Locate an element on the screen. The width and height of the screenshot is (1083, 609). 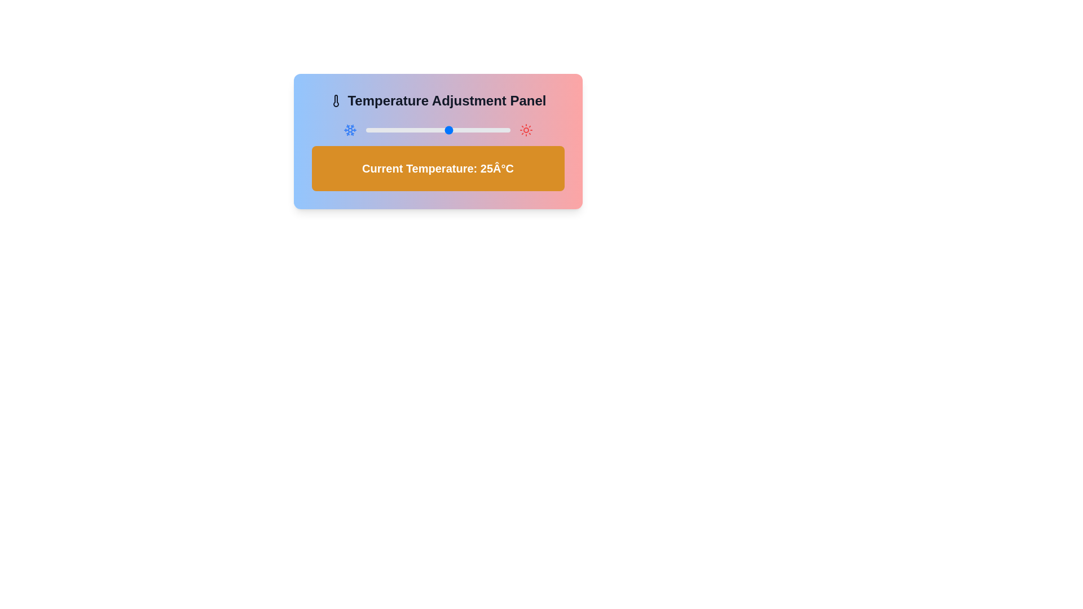
the temperature to 48°C using the slider is located at coordinates (505, 130).